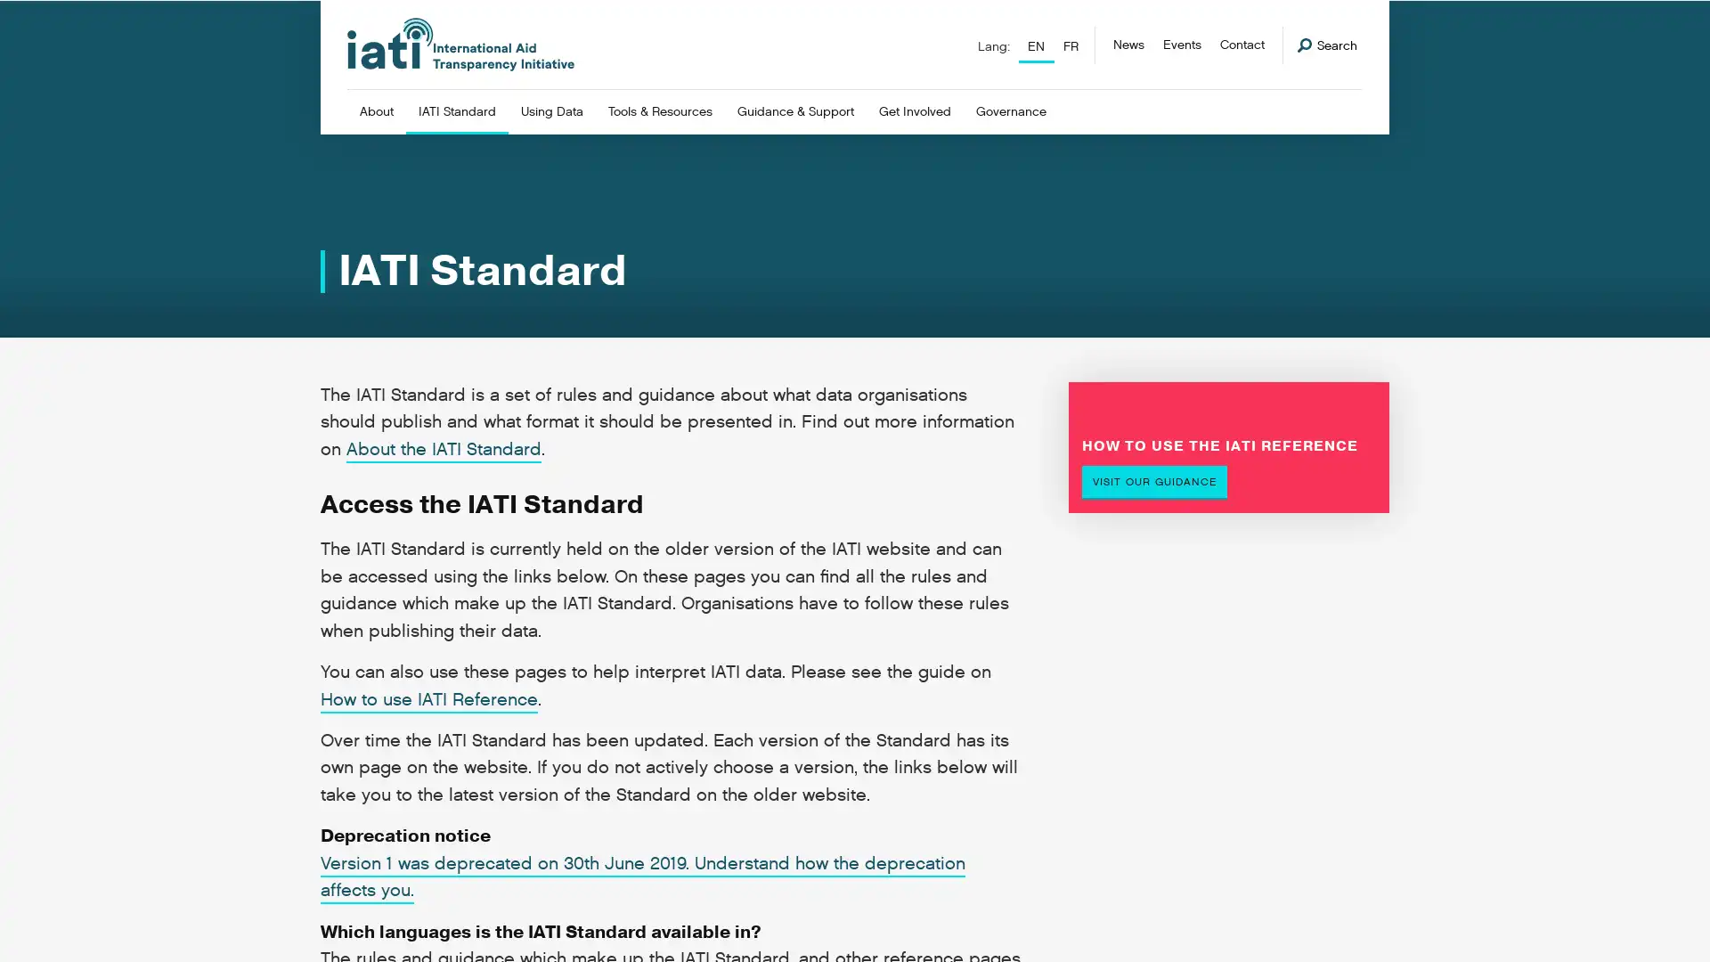 The width and height of the screenshot is (1710, 962). I want to click on Search, so click(1327, 45).